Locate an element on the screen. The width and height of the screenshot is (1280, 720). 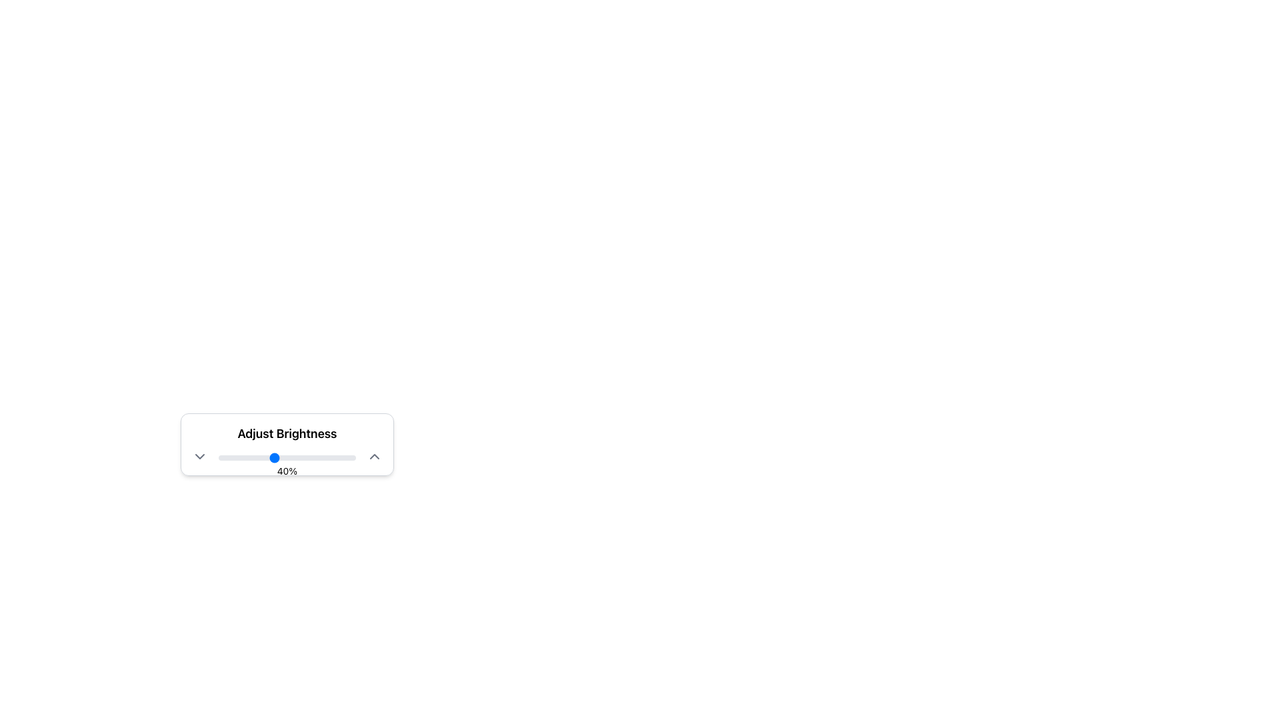
the brightness is located at coordinates (282, 457).